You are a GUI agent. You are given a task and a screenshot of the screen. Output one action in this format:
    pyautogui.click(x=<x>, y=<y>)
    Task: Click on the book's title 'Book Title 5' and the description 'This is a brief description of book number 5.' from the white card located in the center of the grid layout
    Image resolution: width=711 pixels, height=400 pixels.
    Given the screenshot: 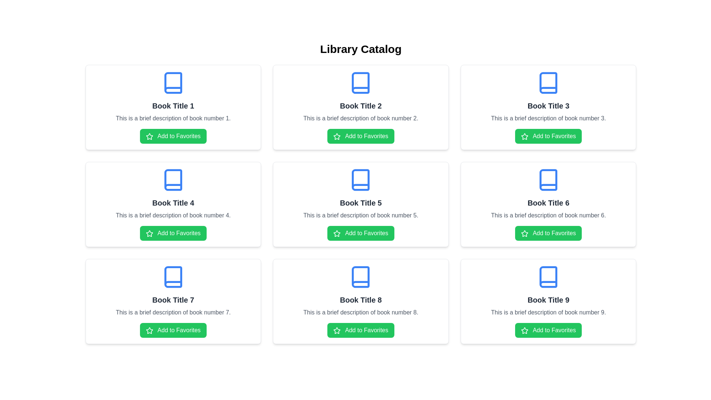 What is the action you would take?
    pyautogui.click(x=361, y=204)
    